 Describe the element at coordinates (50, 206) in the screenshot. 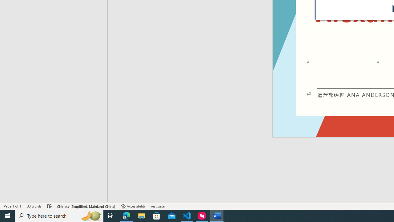

I see `'Spelling and Grammar Check Checking'` at that location.